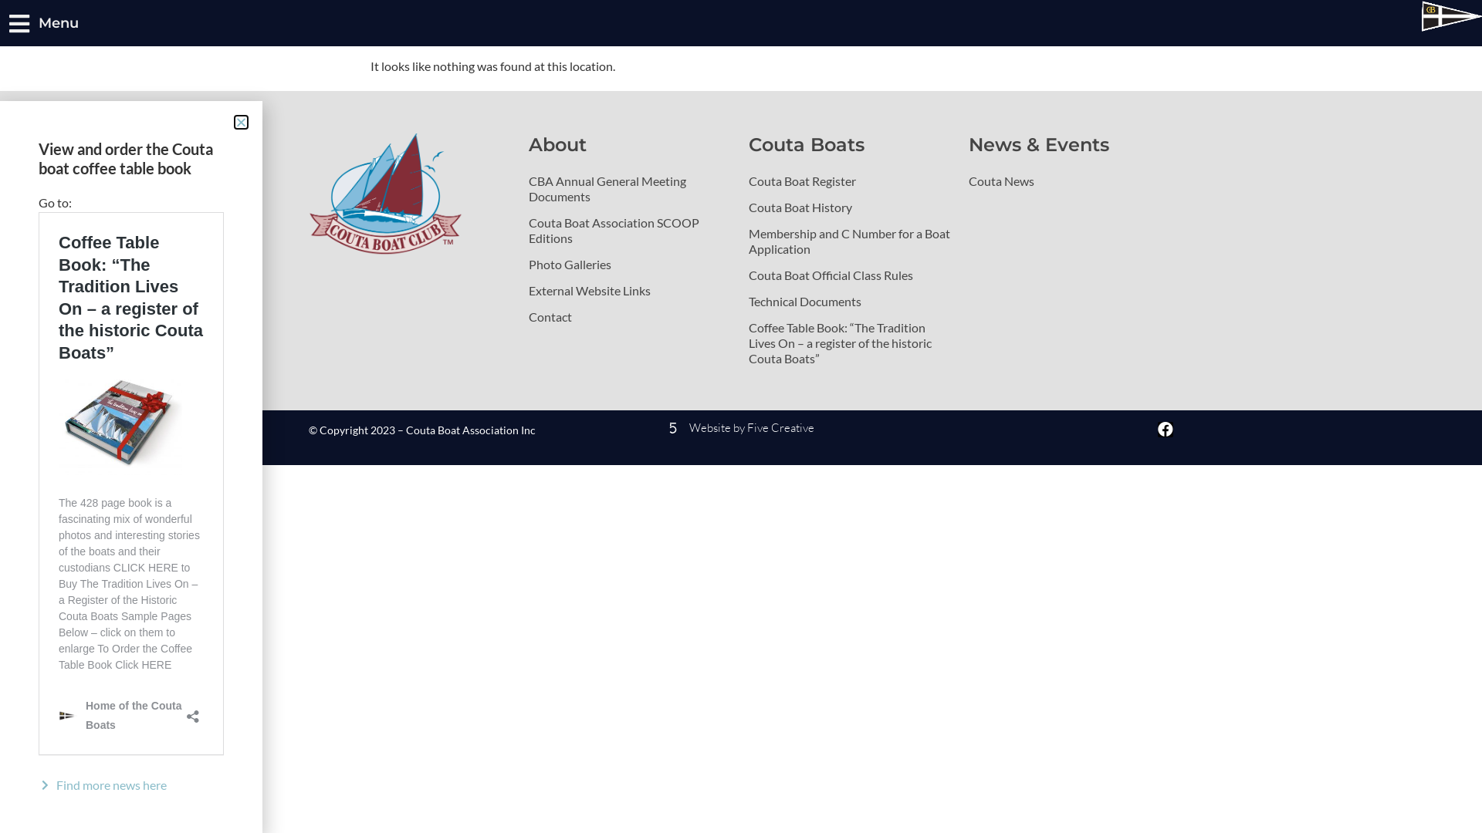  Describe the element at coordinates (631, 264) in the screenshot. I see `'Photo Galleries'` at that location.